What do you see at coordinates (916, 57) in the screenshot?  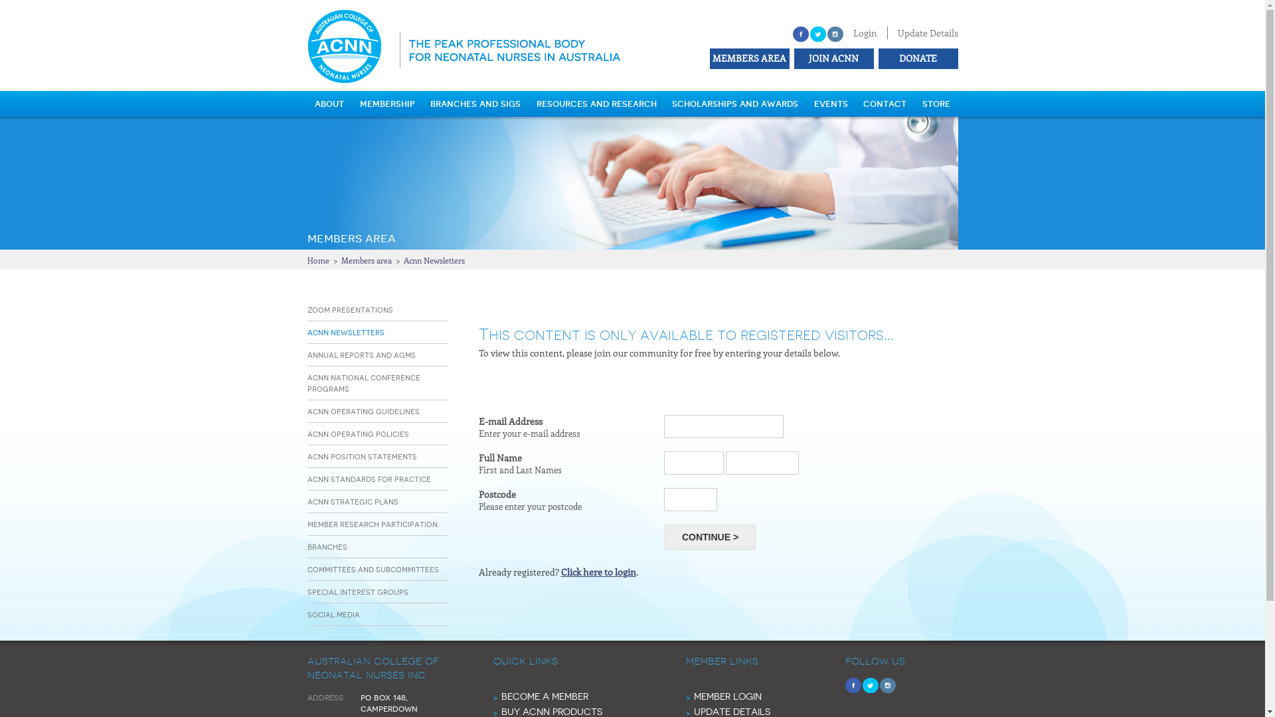 I see `'DONATE'` at bounding box center [916, 57].